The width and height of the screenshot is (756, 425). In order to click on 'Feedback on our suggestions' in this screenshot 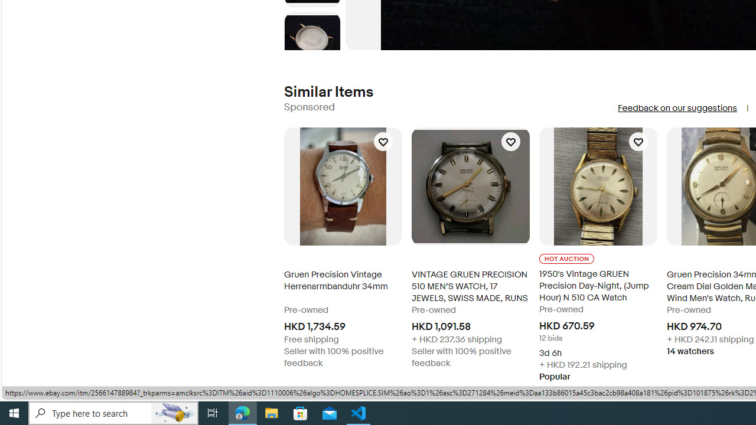, I will do `click(677, 108)`.